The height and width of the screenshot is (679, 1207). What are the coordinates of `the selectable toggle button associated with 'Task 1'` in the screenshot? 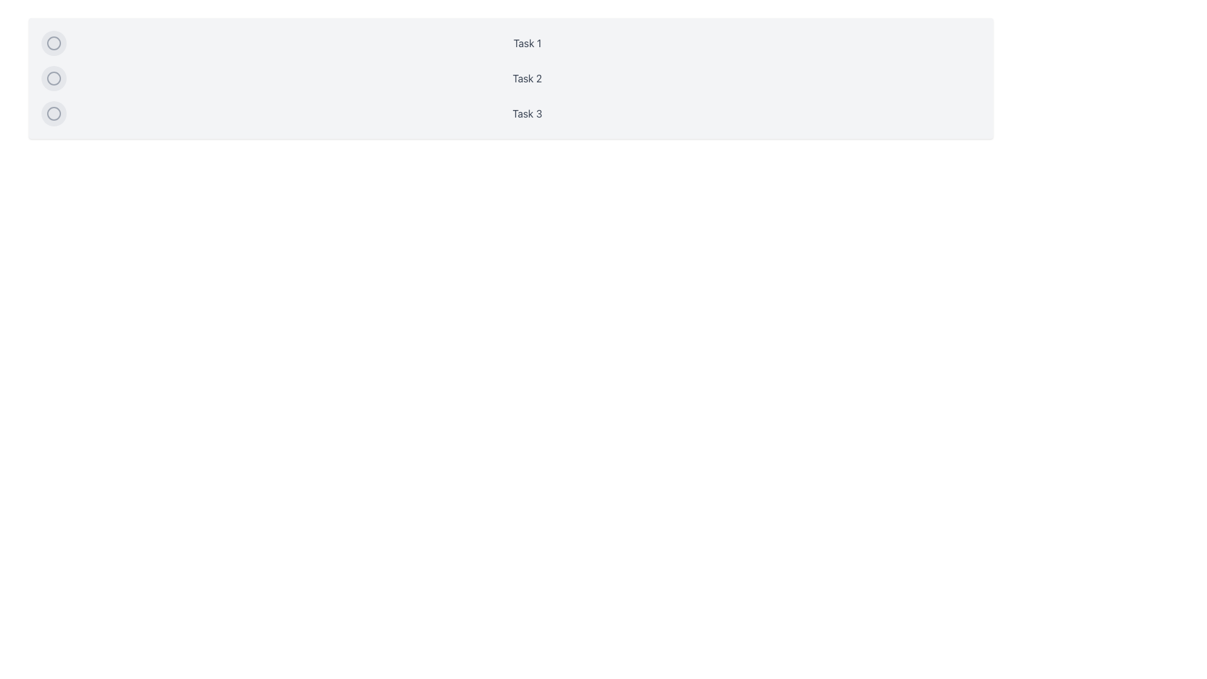 It's located at (53, 43).